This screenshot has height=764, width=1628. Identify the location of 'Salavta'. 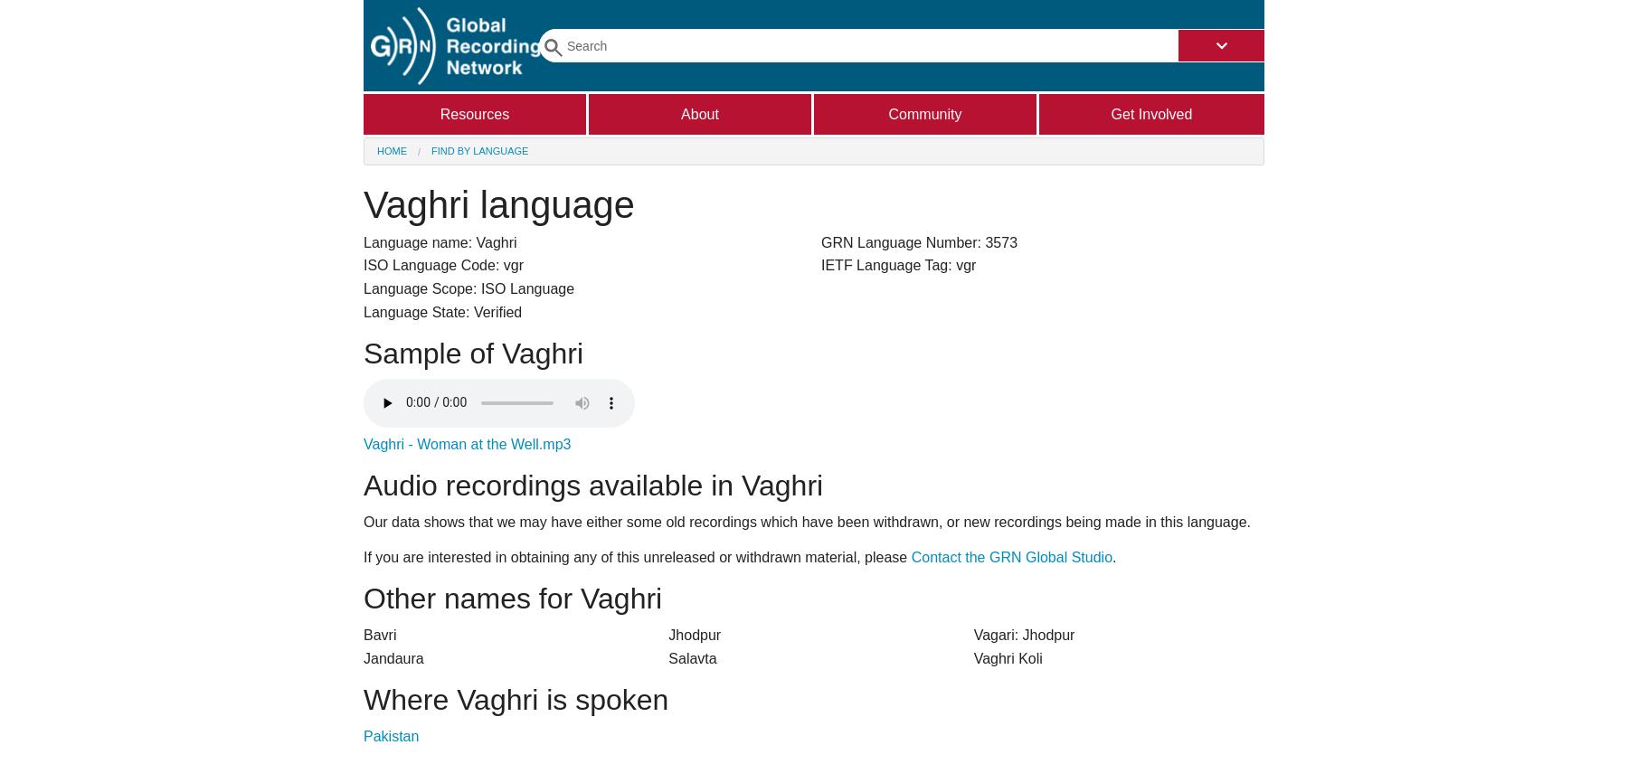
(667, 656).